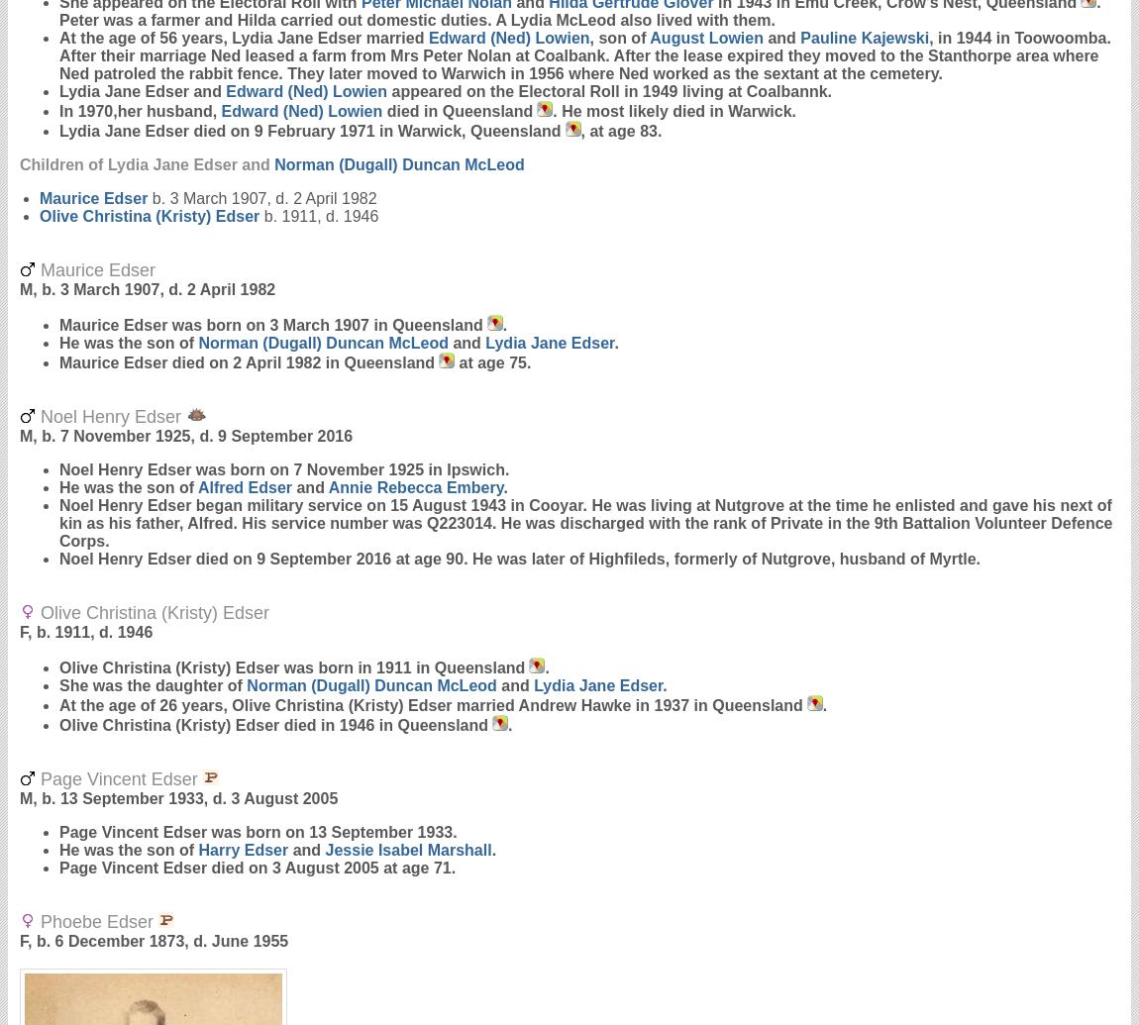 Image resolution: width=1139 pixels, height=1025 pixels. Describe the element at coordinates (185, 436) in the screenshot. I see `'M, b. 7 November 1925, d. 9 September 2016'` at that location.